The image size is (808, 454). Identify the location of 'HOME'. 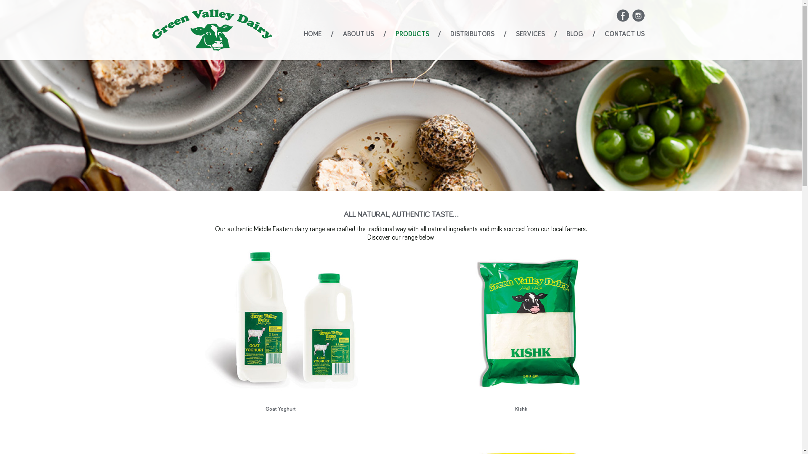
(312, 34).